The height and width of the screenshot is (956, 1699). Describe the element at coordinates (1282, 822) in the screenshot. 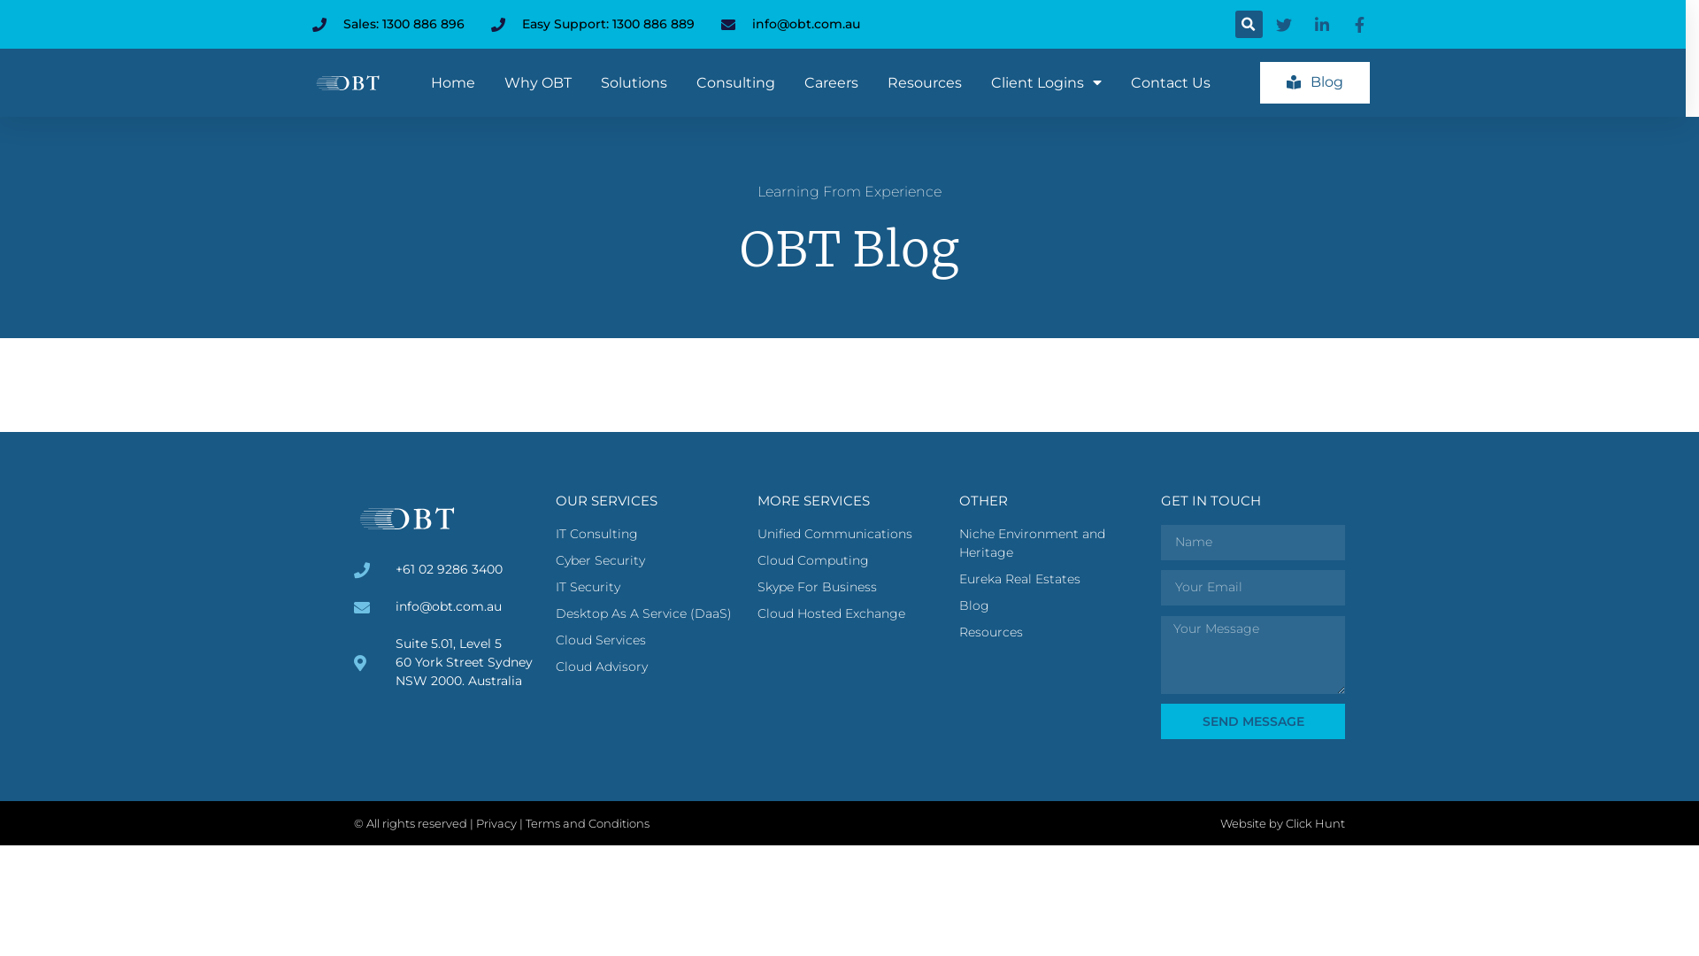

I see `'Website by Click Hunt'` at that location.